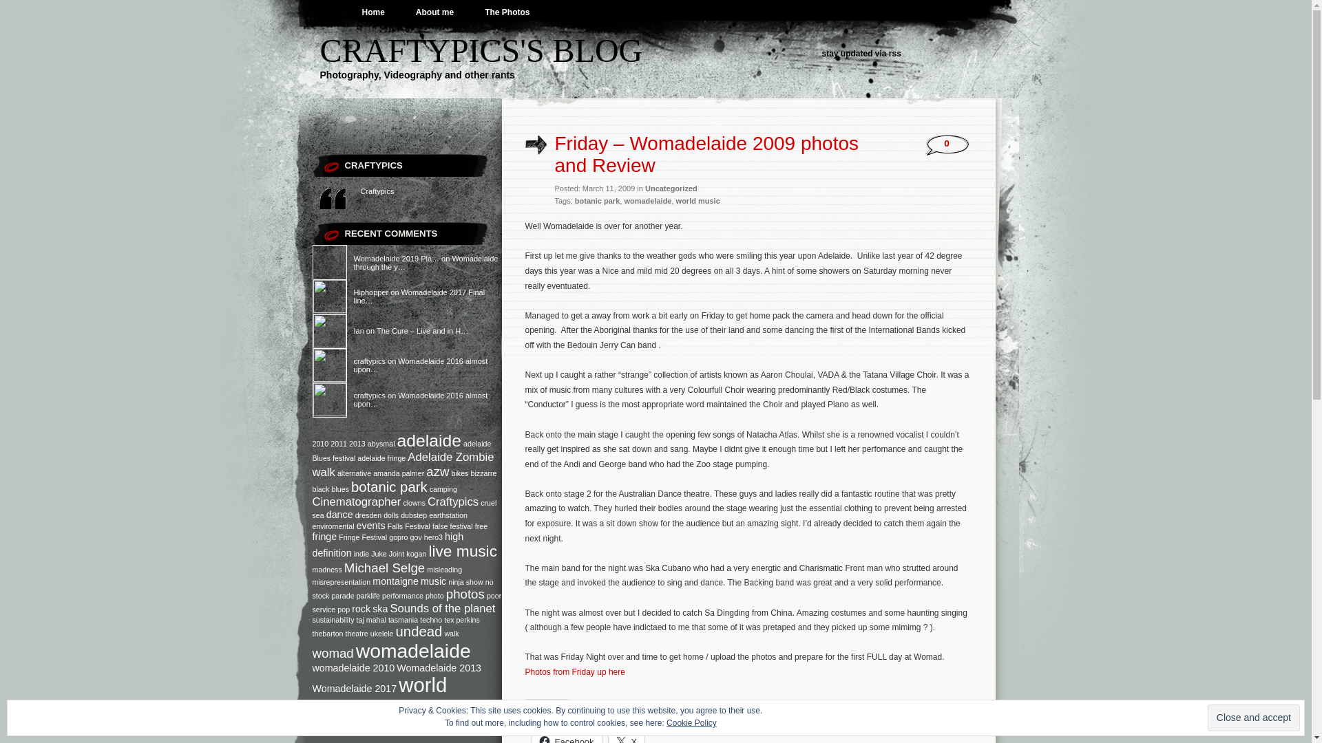 The image size is (1322, 743). I want to click on 'camping', so click(429, 488).